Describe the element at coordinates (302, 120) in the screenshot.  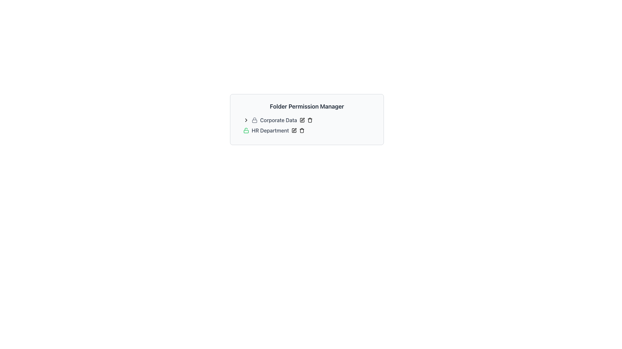
I see `the editing SVG icon located to the right of the 'Corporate Data' label in the 'Folder Permission Manager' interface` at that location.